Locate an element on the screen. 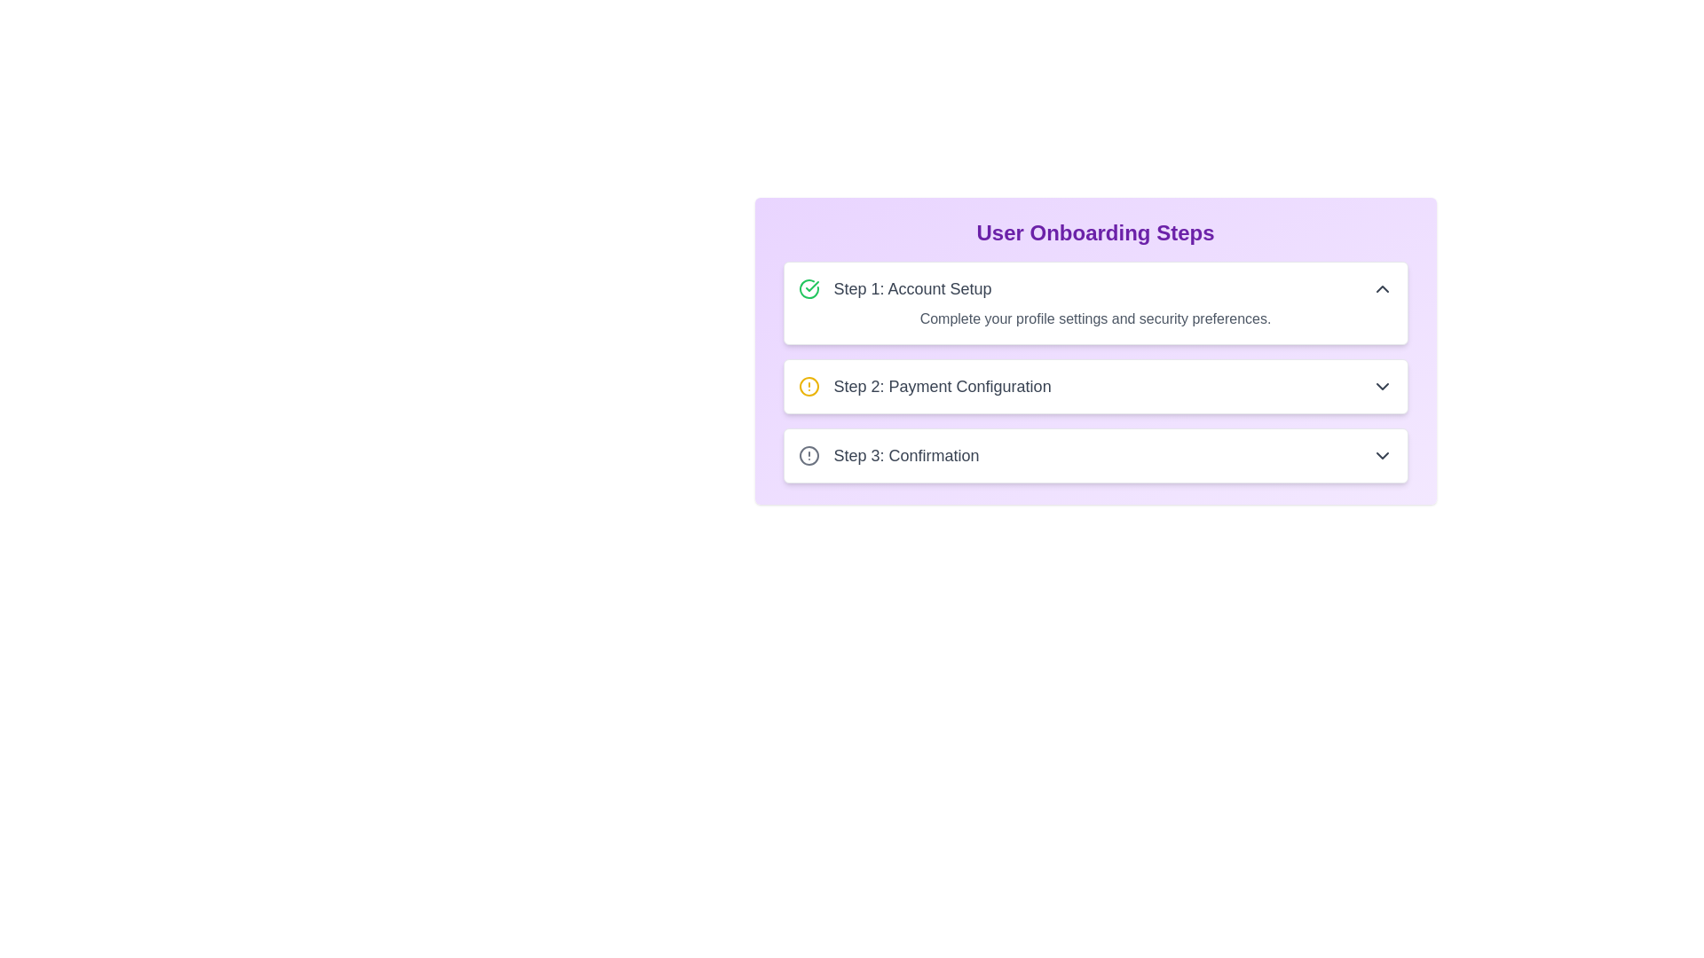  properties for styling of the completed status vector icon located in the 'Step 1: Account Setup' section of the onboarding interface is located at coordinates (811, 286).